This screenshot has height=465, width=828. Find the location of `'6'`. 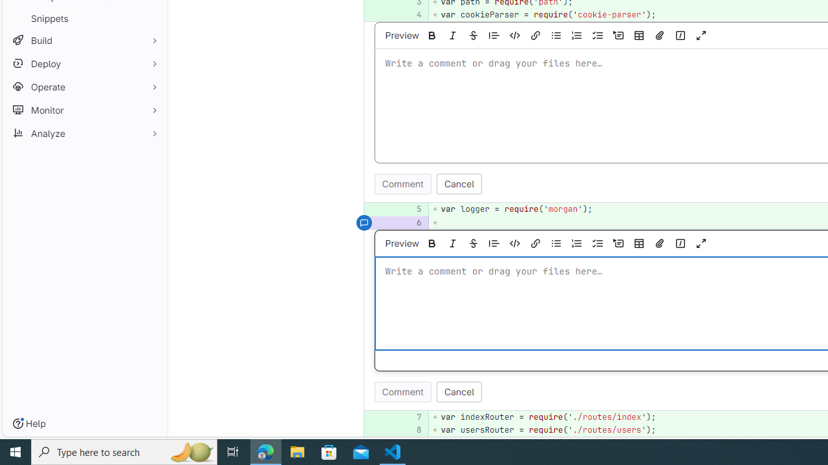

'6' is located at coordinates (409, 222).